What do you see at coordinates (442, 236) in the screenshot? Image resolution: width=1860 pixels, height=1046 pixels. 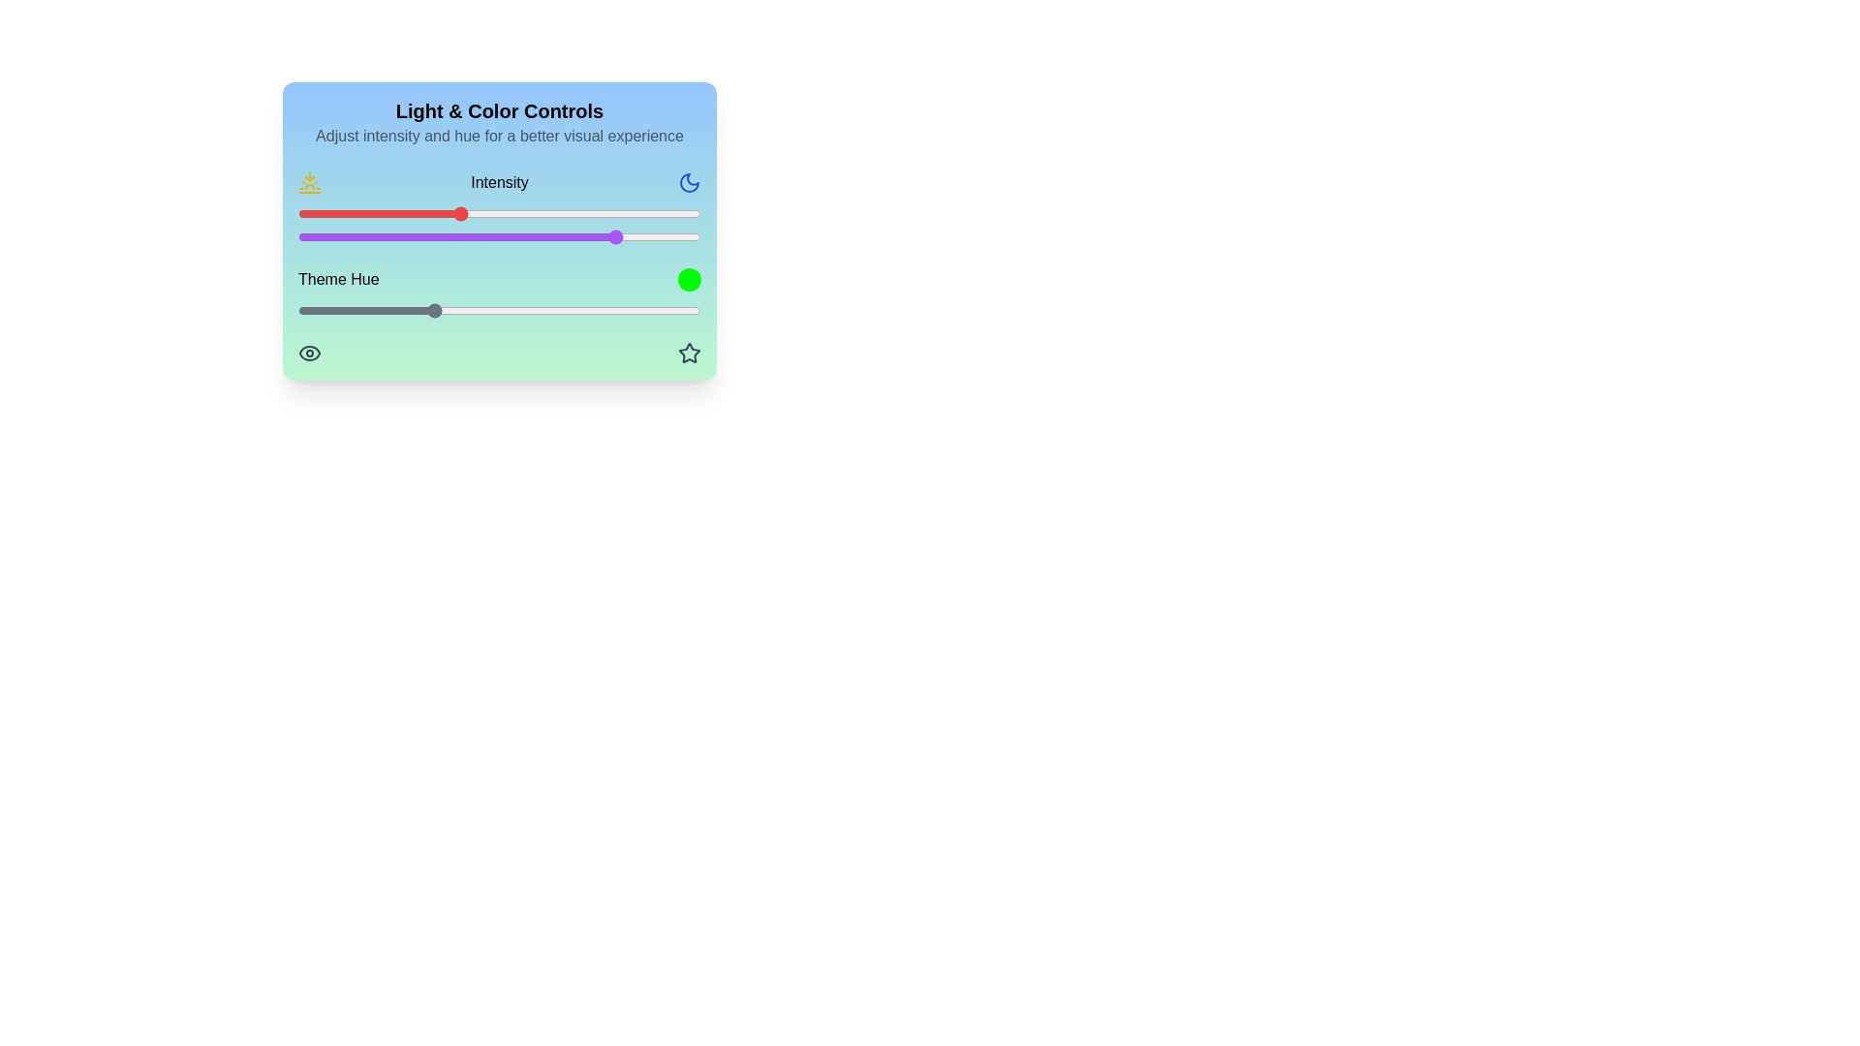 I see `the slider value` at bounding box center [442, 236].